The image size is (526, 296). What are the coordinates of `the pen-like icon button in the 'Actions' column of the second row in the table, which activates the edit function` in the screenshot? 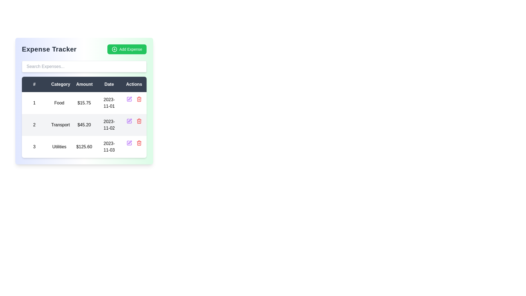 It's located at (130, 120).